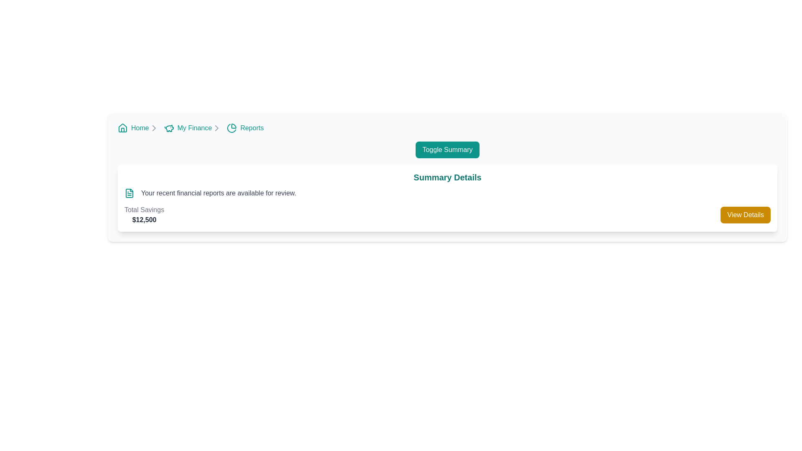  I want to click on the red-filled circular shape representing a pie chart slice within the 'Reports' icon, located to the right of the 'My Finance' breadcrumb, so click(234, 126).